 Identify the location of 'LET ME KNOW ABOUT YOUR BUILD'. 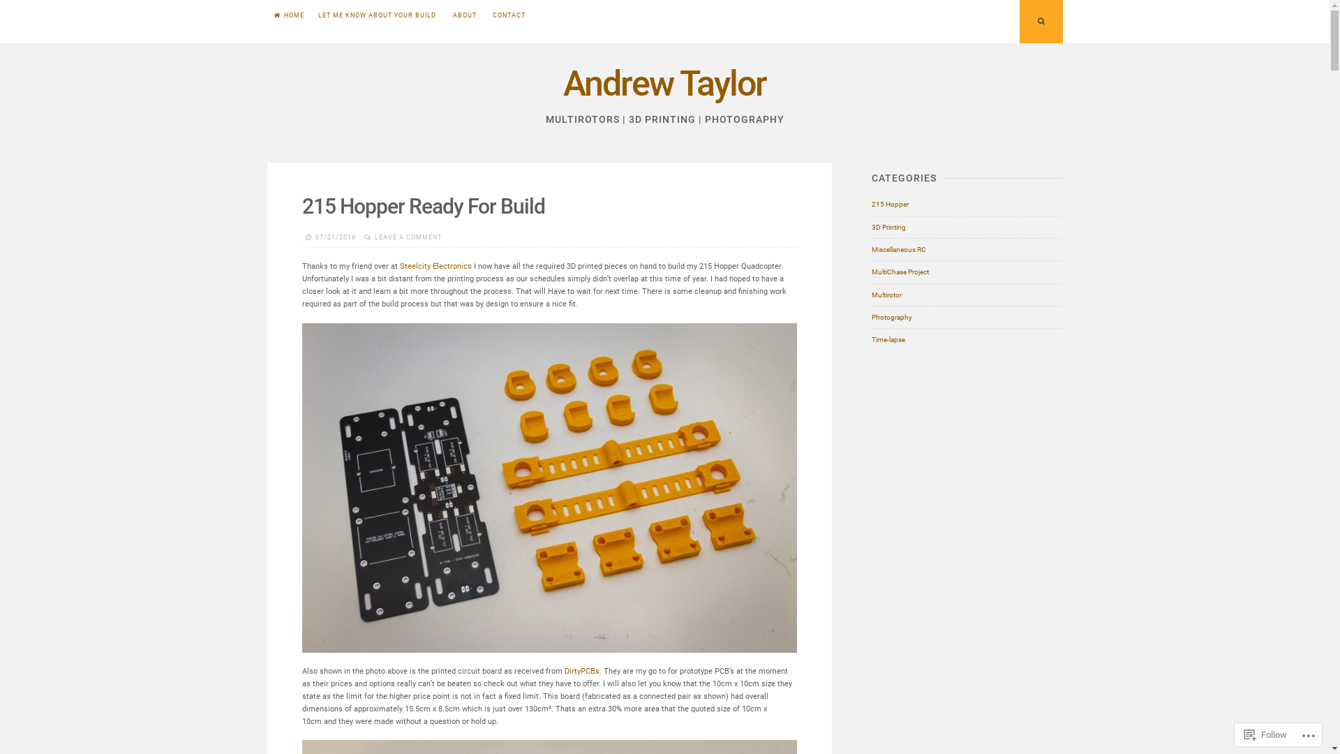
(311, 15).